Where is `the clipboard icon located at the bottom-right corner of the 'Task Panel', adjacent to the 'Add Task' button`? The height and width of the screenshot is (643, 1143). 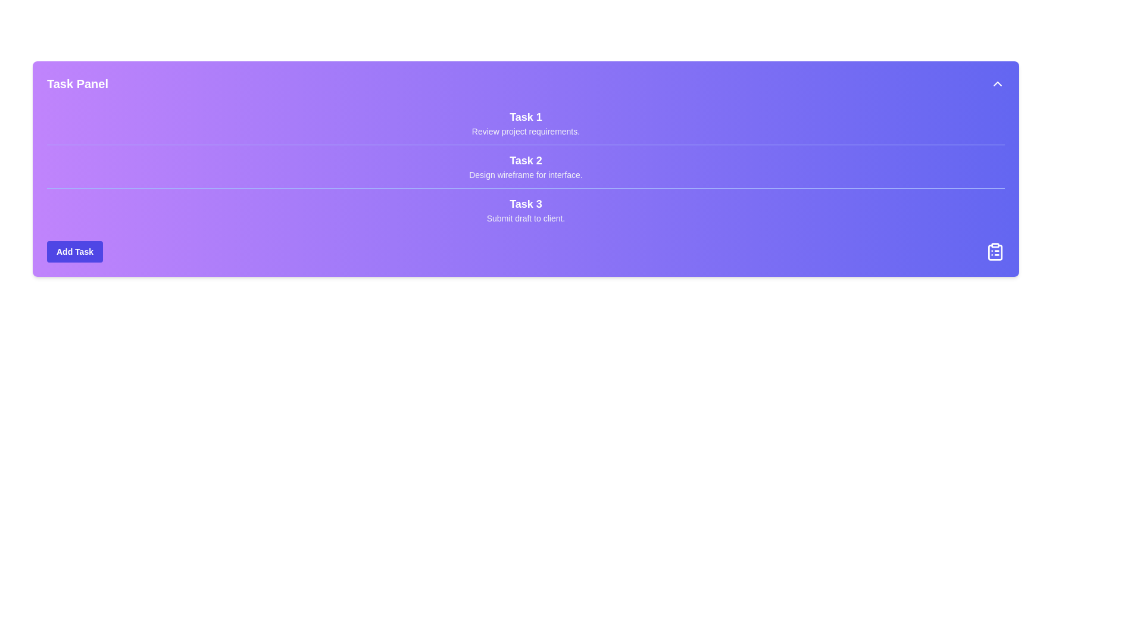 the clipboard icon located at the bottom-right corner of the 'Task Panel', adjacent to the 'Add Task' button is located at coordinates (995, 252).